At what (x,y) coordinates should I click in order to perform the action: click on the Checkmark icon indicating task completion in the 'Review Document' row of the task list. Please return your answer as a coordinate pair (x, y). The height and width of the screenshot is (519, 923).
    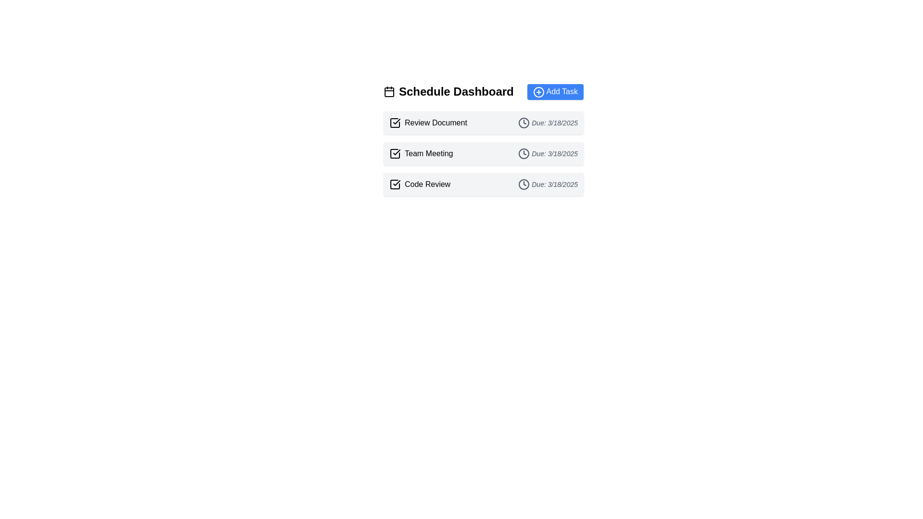
    Looking at the image, I should click on (397, 121).